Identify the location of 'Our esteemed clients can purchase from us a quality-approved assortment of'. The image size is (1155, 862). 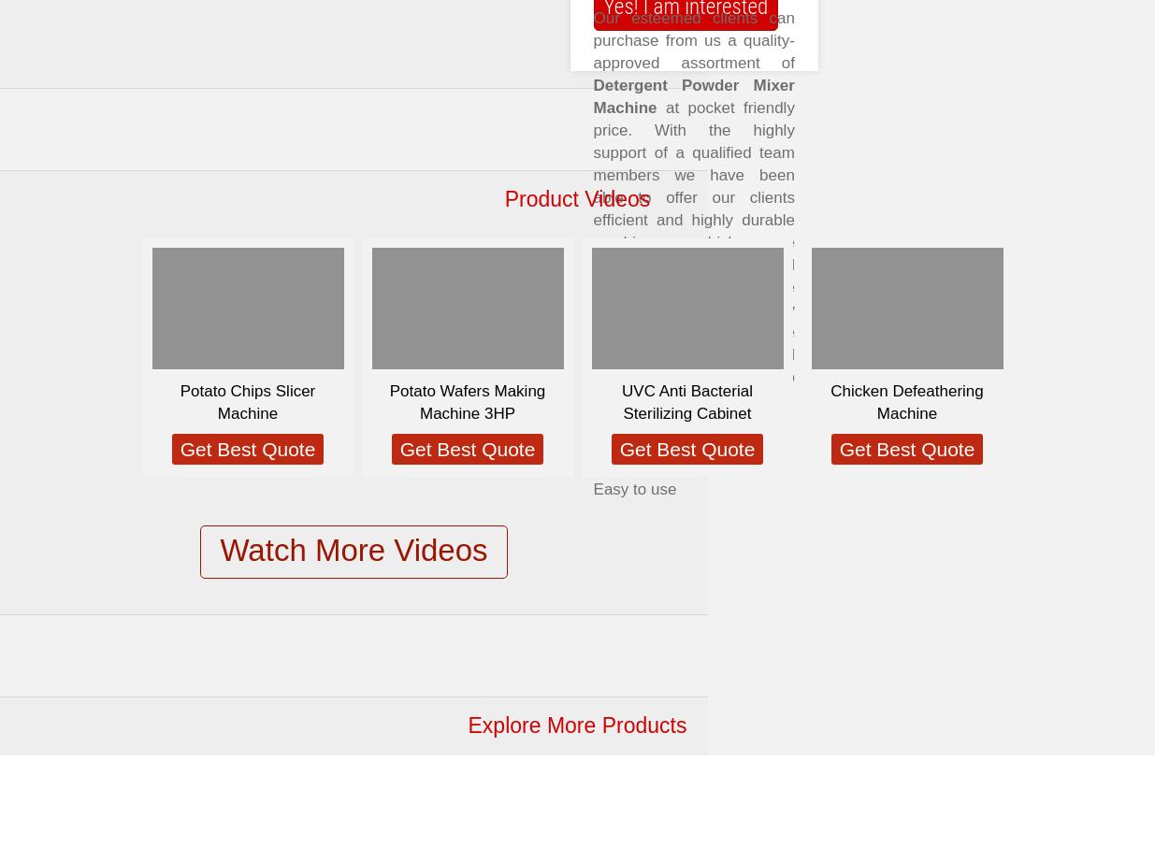
(693, 40).